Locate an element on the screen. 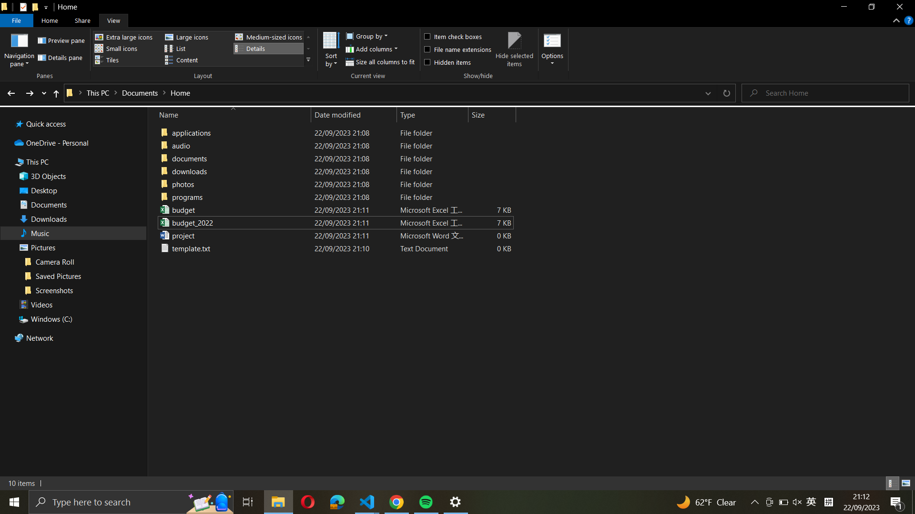  Change the name of the file "budget_excel_file" to "budget_2021_excel_file" is located at coordinates (334, 209).